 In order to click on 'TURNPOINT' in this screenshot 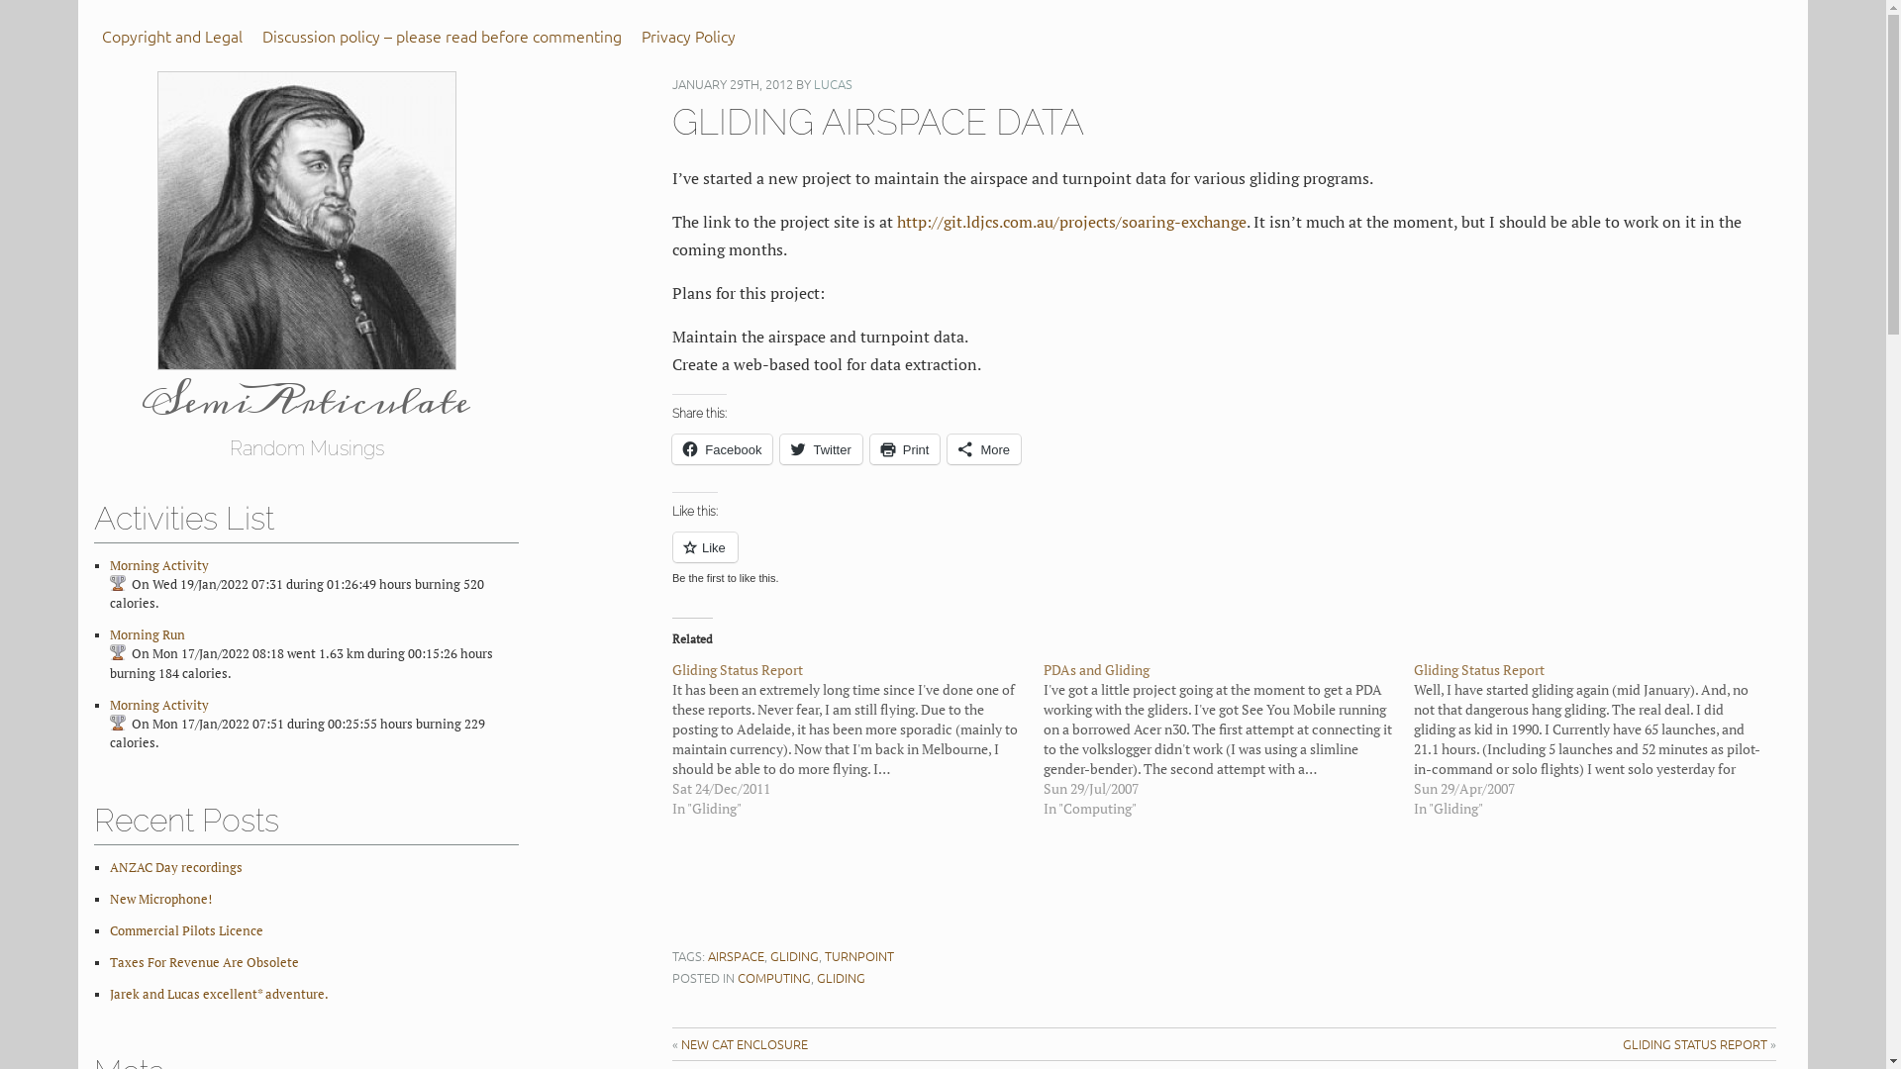, I will do `click(859, 954)`.